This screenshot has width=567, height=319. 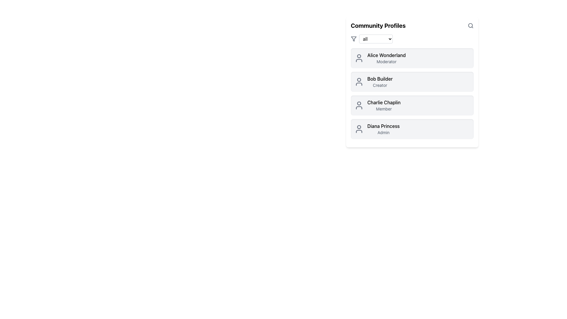 What do you see at coordinates (359, 80) in the screenshot?
I see `the circular user profile icon element, which is positioned at the top-center of the user profile SVG representation, to the left of the text 'Bob Builder'` at bounding box center [359, 80].